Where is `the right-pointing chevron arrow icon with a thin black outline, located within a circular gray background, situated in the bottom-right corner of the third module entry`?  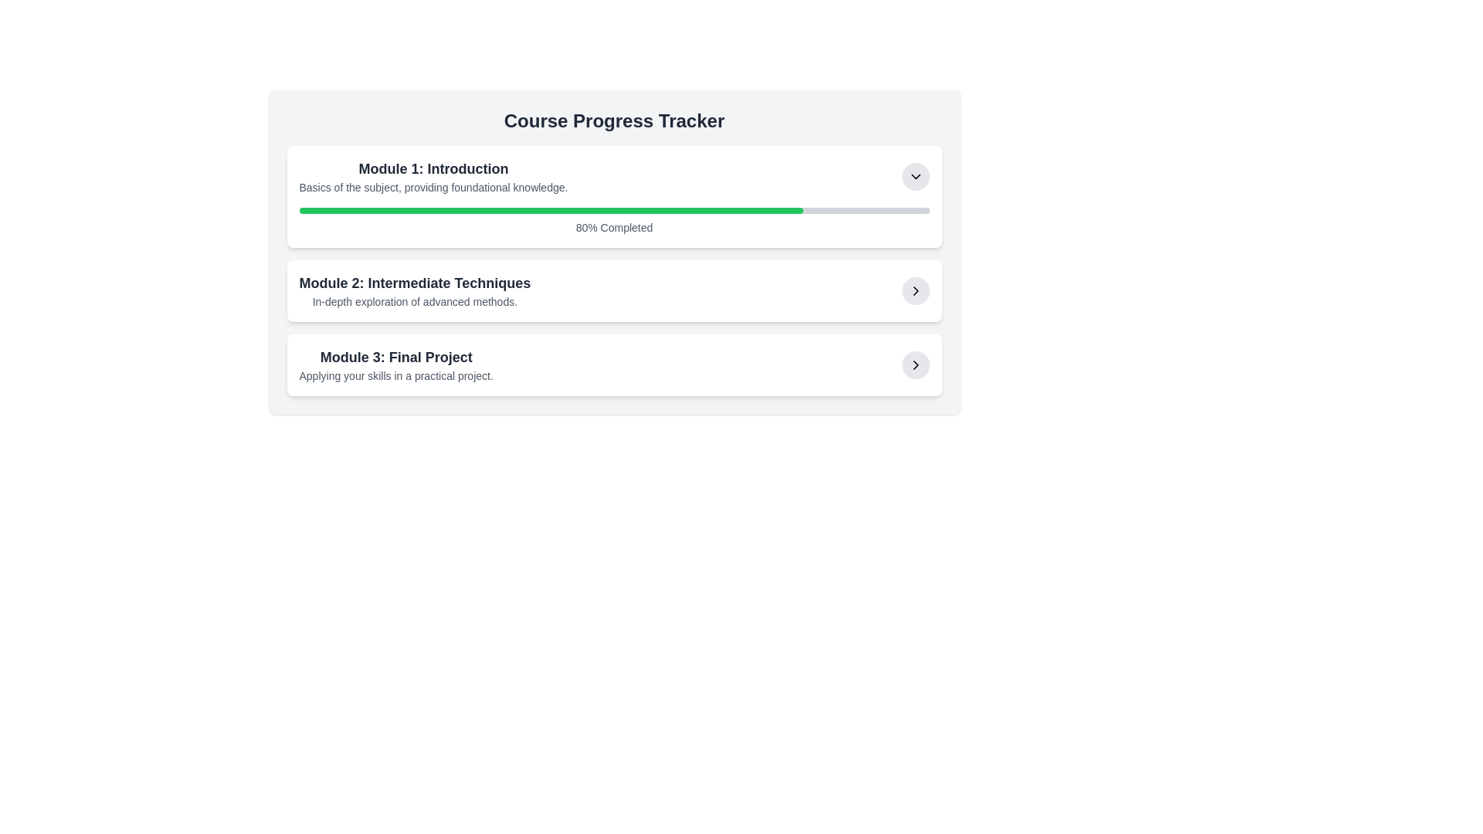 the right-pointing chevron arrow icon with a thin black outline, located within a circular gray background, situated in the bottom-right corner of the third module entry is located at coordinates (915, 365).